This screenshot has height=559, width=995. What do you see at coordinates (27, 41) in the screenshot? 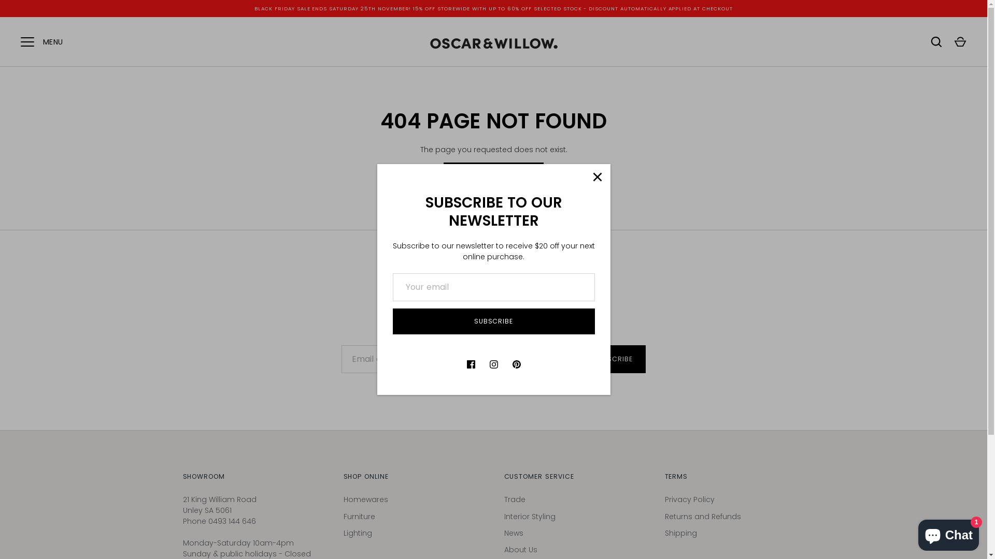
I see `'MENU'` at bounding box center [27, 41].